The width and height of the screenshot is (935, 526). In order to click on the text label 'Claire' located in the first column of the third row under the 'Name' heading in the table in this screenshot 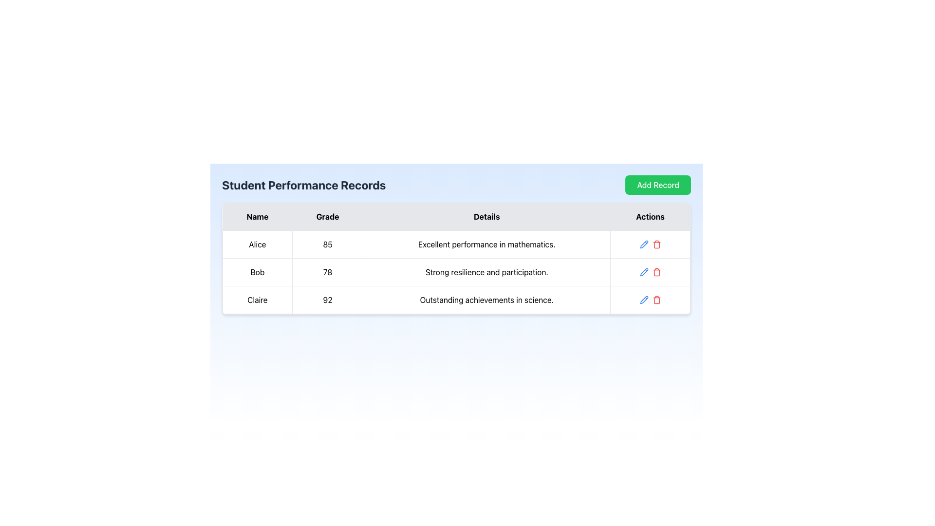, I will do `click(257, 300)`.